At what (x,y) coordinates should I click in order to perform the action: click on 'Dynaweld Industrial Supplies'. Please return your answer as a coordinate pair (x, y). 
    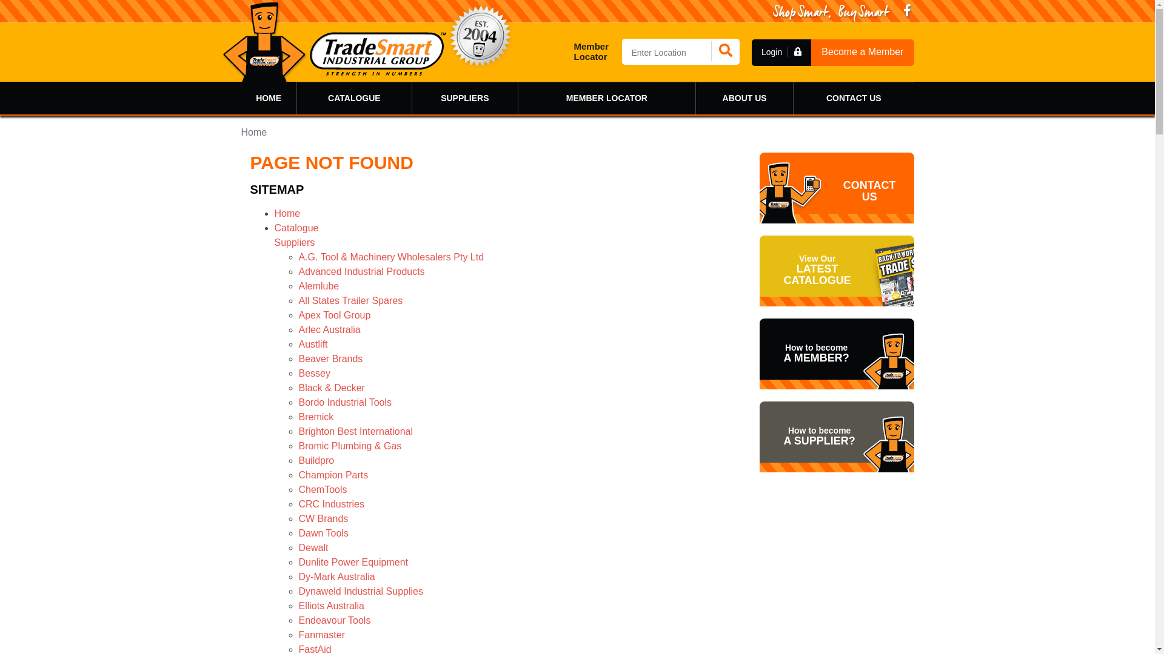
    Looking at the image, I should click on (360, 590).